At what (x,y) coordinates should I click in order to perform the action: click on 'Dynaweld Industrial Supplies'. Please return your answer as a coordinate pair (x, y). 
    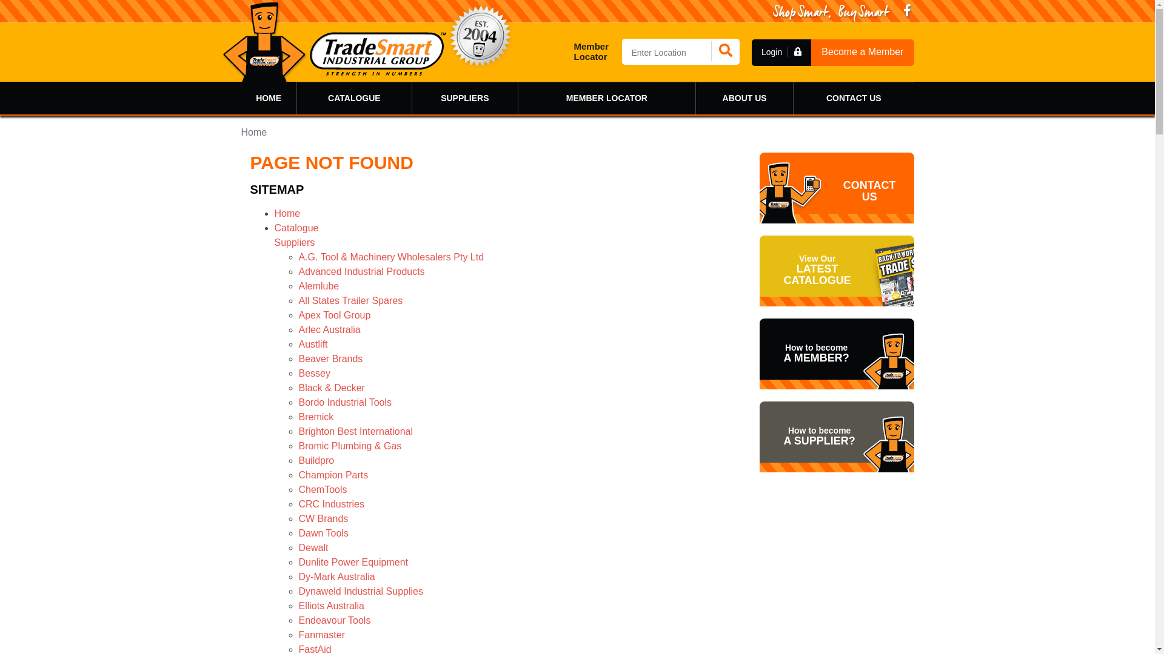
    Looking at the image, I should click on (360, 590).